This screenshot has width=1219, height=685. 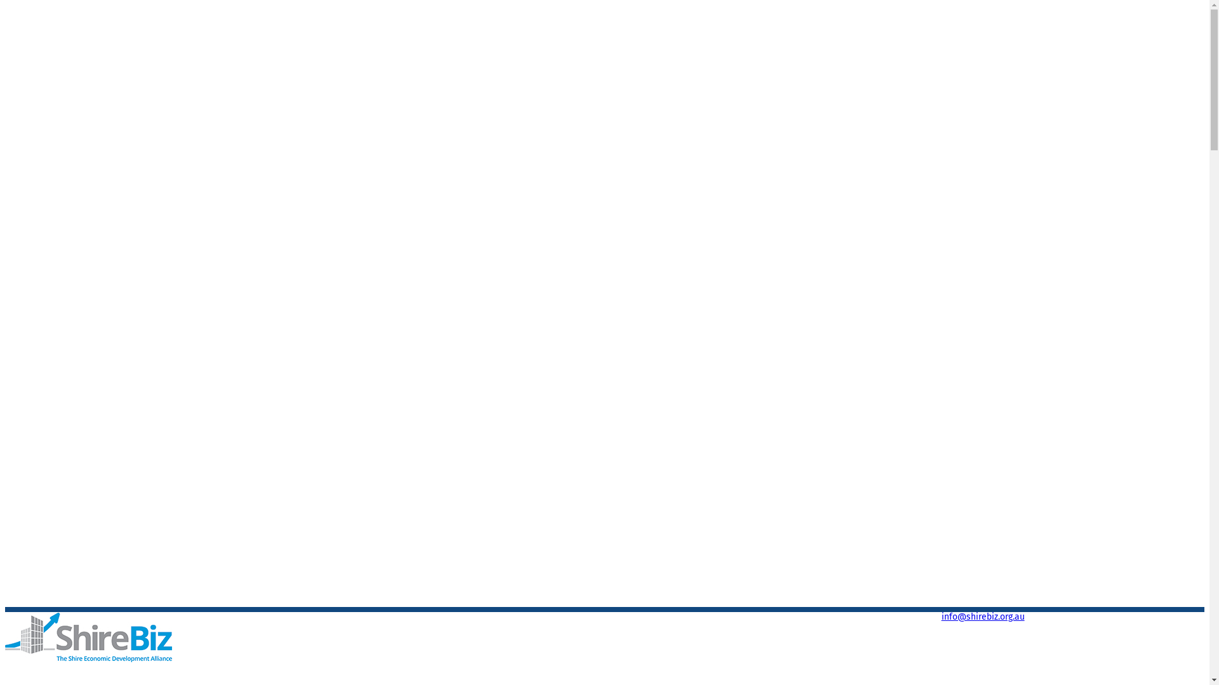 What do you see at coordinates (982, 616) in the screenshot?
I see `'info@shirebiz.org.au'` at bounding box center [982, 616].